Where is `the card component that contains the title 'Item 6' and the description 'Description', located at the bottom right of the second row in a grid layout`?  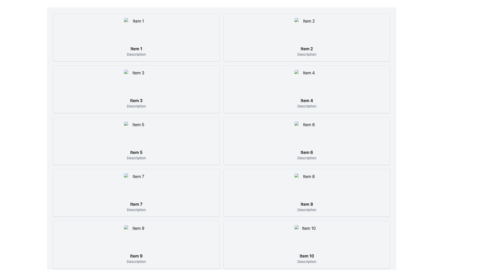
the card component that contains the title 'Item 6' and the description 'Description', located at the bottom right of the second row in a grid layout is located at coordinates (307, 141).